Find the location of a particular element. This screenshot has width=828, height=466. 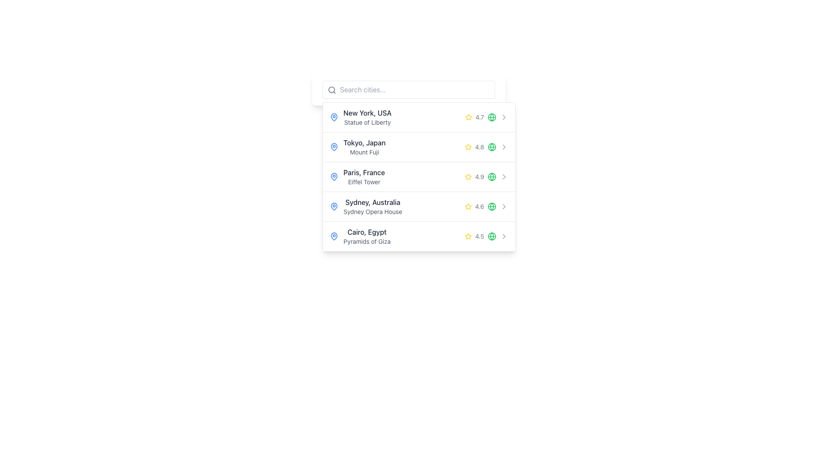

the location pin icon representing 'New York, USA Statue of Liberty' in the first list item of the search results is located at coordinates (333, 117).